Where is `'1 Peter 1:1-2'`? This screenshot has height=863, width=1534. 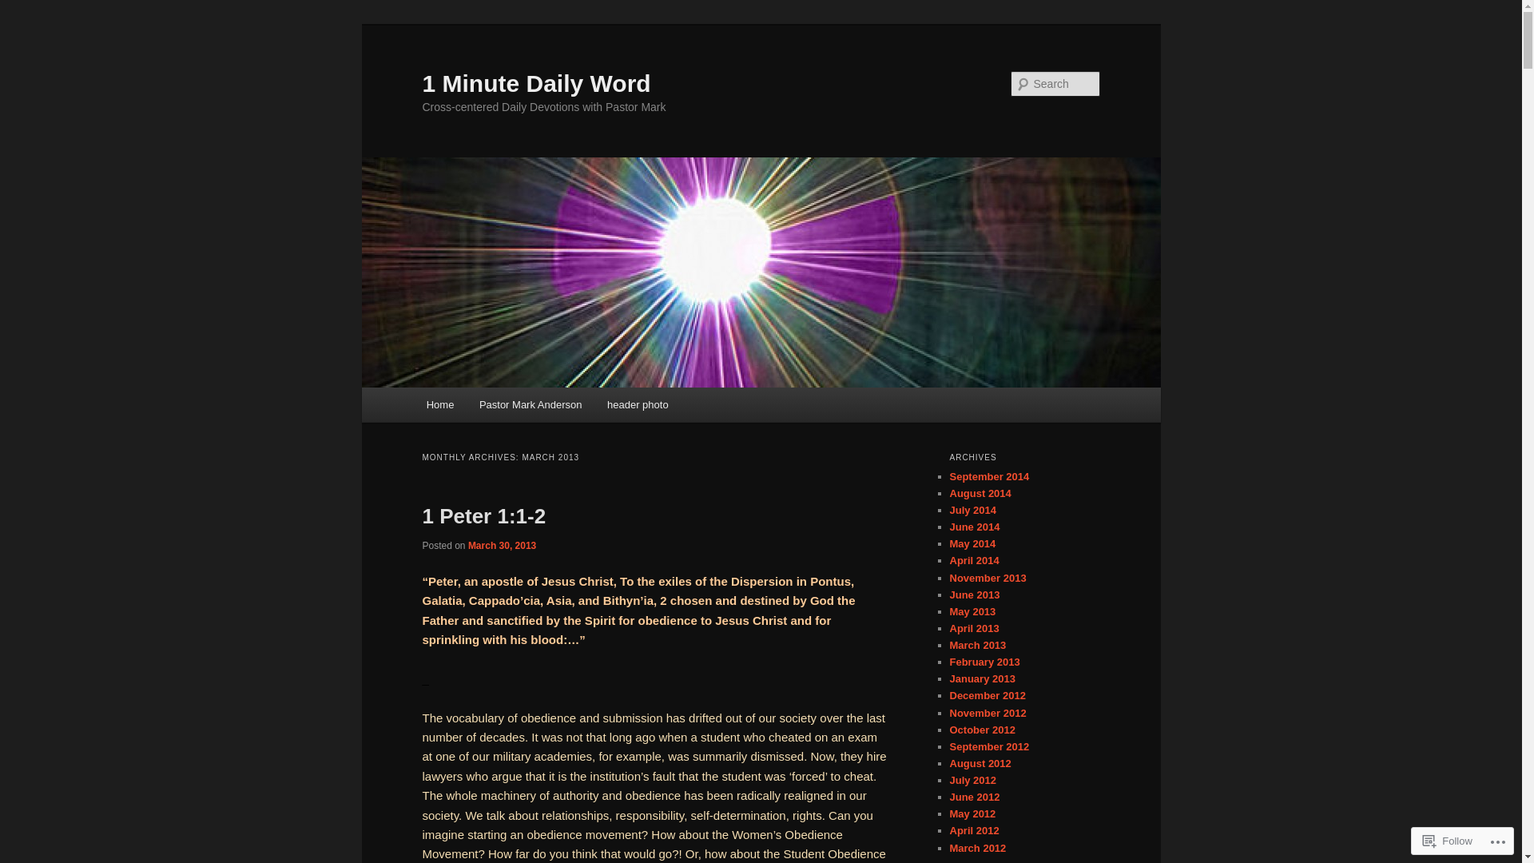 '1 Peter 1:1-2' is located at coordinates (483, 515).